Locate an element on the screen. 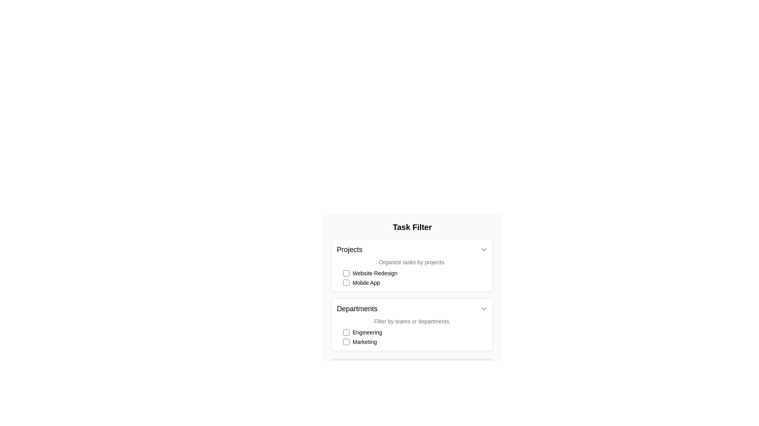 This screenshot has width=759, height=426. the chevron icon in the second filter section of the 'Task Filter' panel to expand the options for filtering tasks or projects by departments is located at coordinates (412, 324).